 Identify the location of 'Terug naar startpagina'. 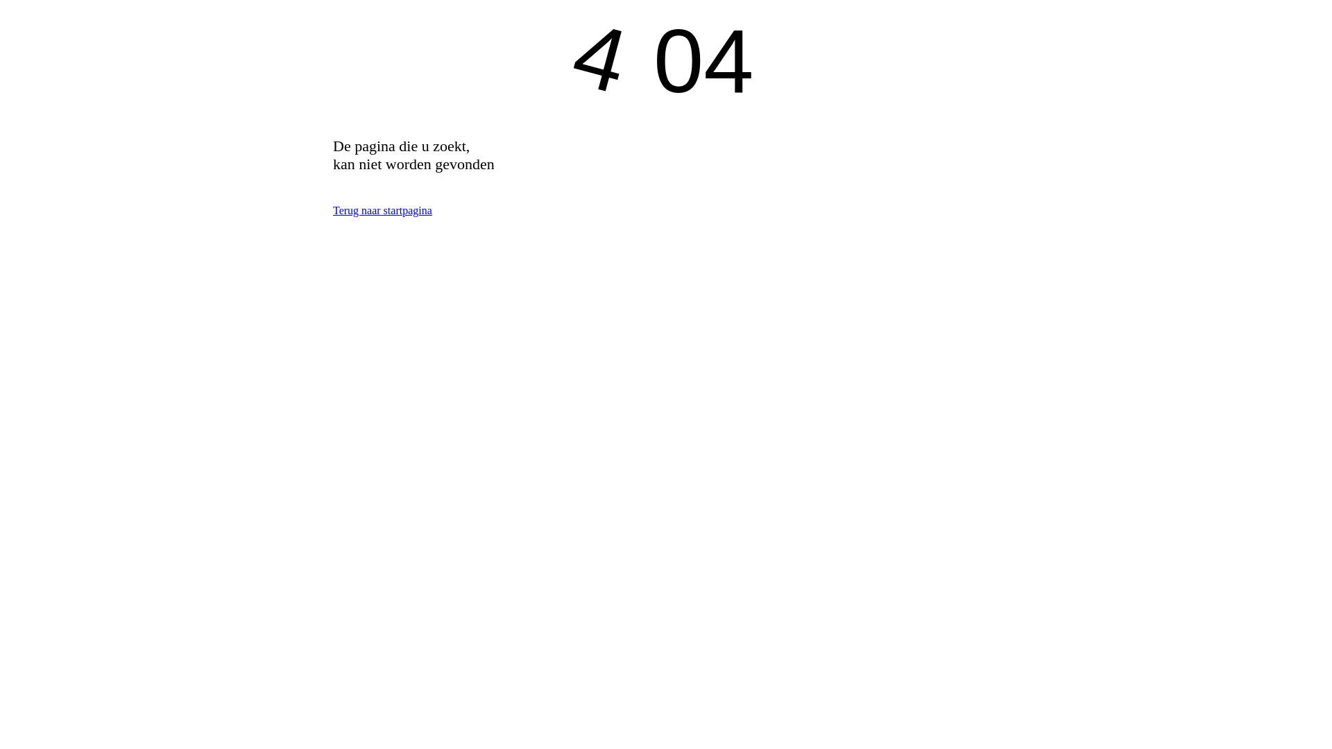
(382, 210).